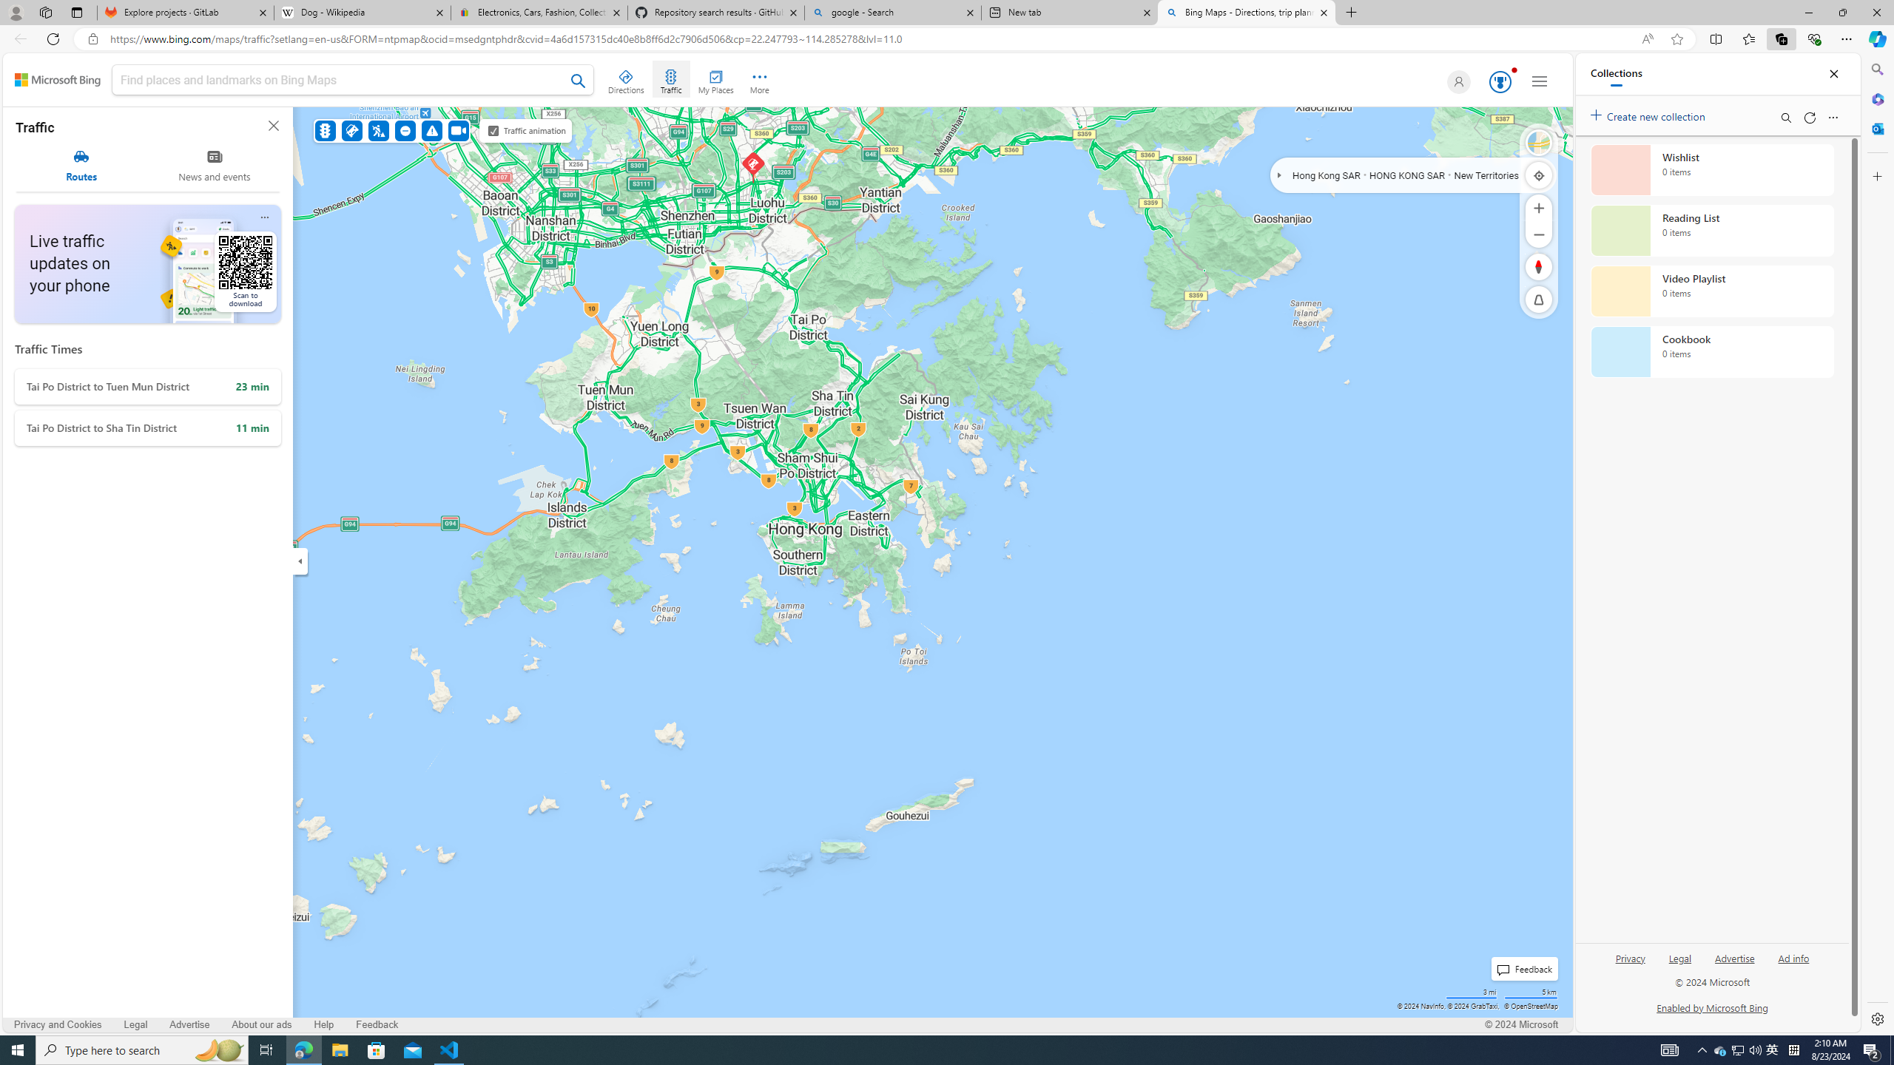  Describe the element at coordinates (1499, 81) in the screenshot. I see `'AutomationID: rh_meter'` at that location.